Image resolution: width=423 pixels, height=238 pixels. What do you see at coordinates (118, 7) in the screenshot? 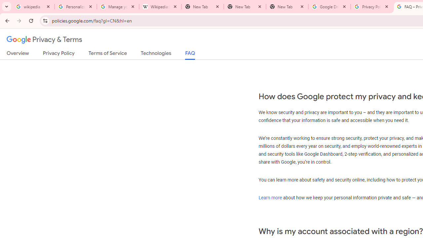
I see `'Manage your Location History - Google Search Help'` at bounding box center [118, 7].